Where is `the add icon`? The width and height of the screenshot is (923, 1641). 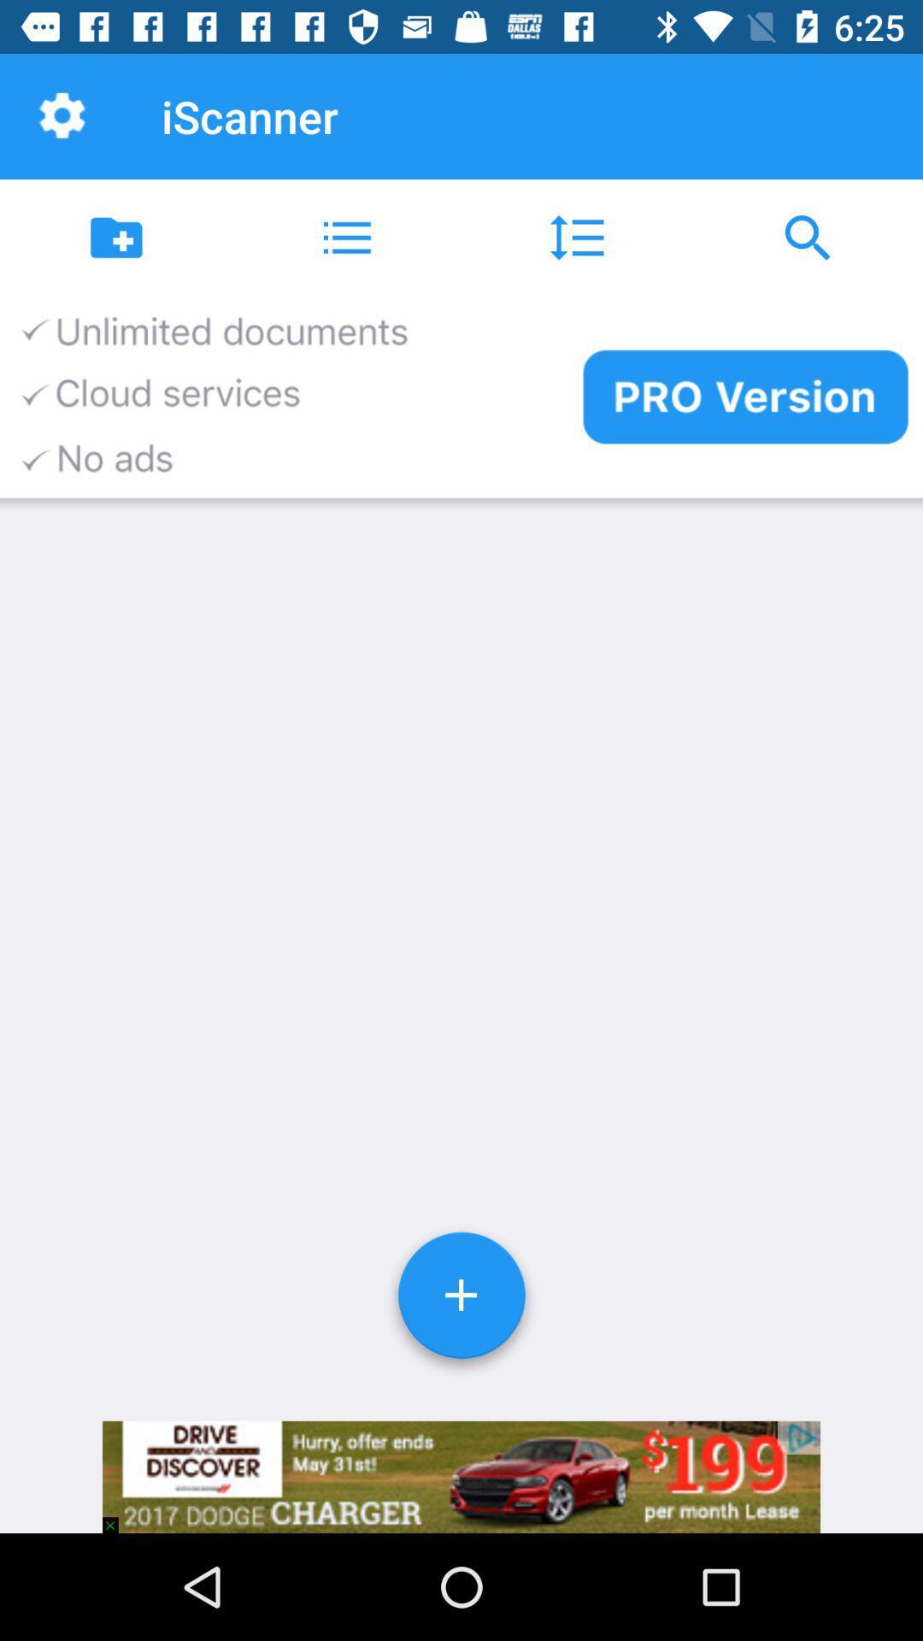 the add icon is located at coordinates (461, 1301).